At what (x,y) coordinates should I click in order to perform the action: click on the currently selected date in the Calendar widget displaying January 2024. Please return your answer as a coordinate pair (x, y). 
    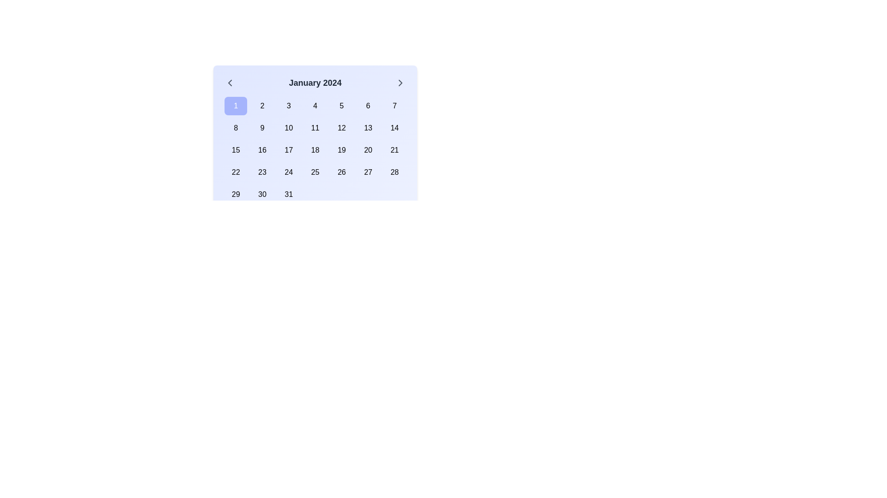
    Looking at the image, I should click on (315, 156).